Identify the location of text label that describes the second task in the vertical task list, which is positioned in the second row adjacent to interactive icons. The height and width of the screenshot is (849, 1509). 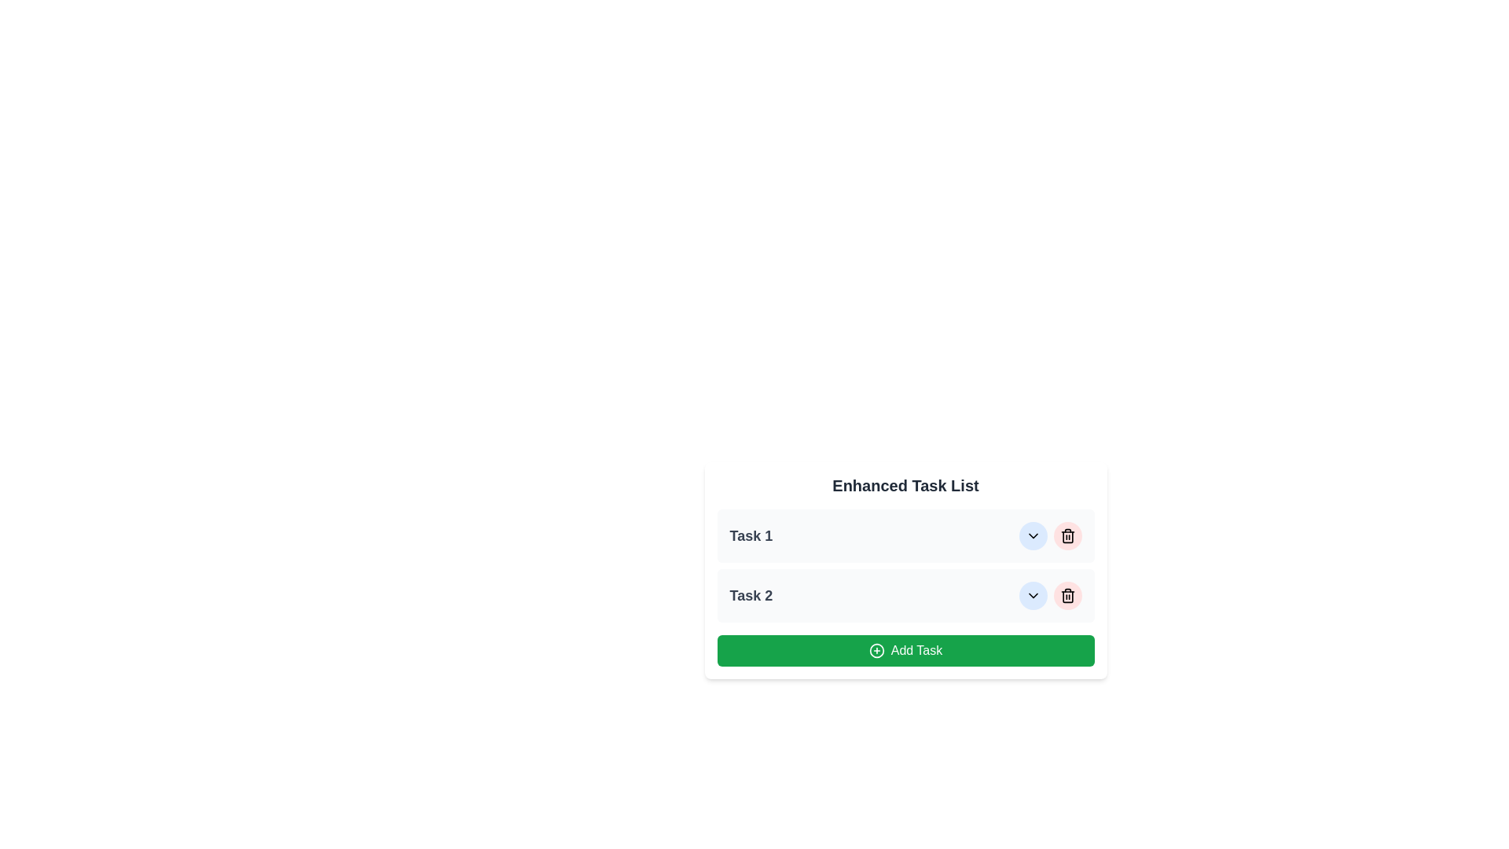
(750, 596).